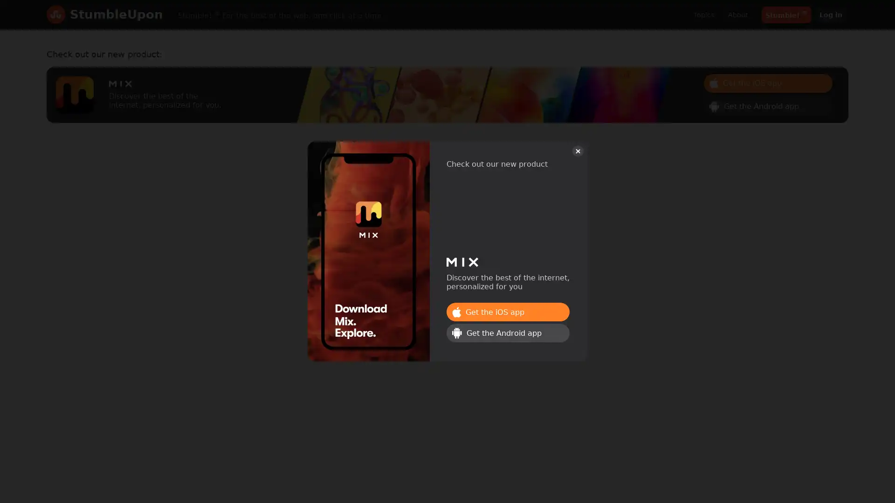 The image size is (895, 503). I want to click on Header Image 1 Get the Android app, so click(507, 332).